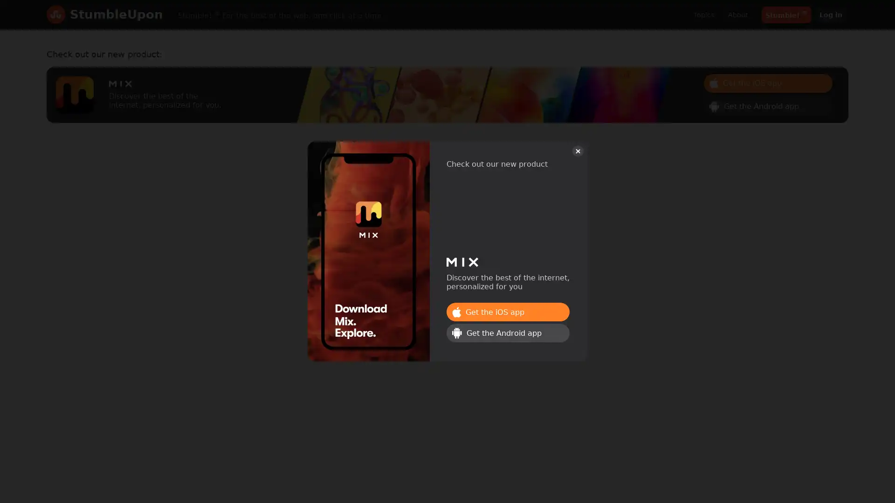 The image size is (895, 503). I want to click on Header Image 1 Get the Android app, so click(507, 332).